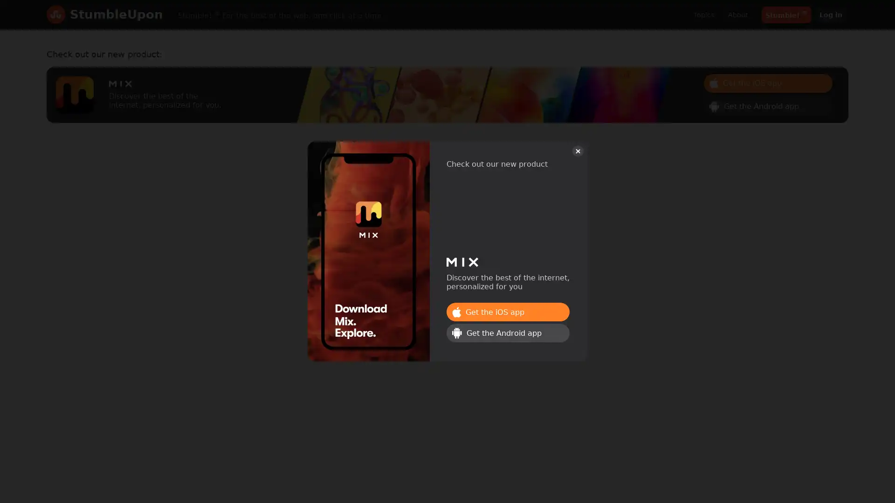 The image size is (895, 503). I want to click on Header Image 1 Get the Android app, so click(507, 332).